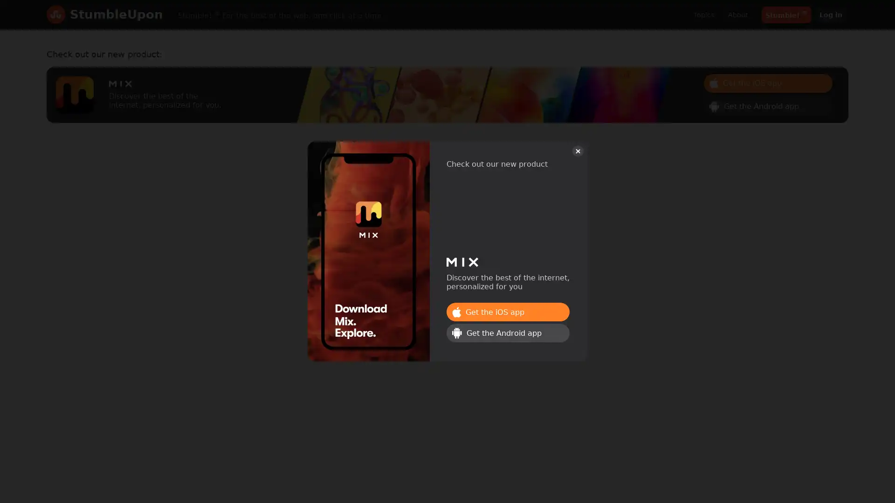 The image size is (895, 503). I want to click on Header Image 1 Get the Android app, so click(507, 332).